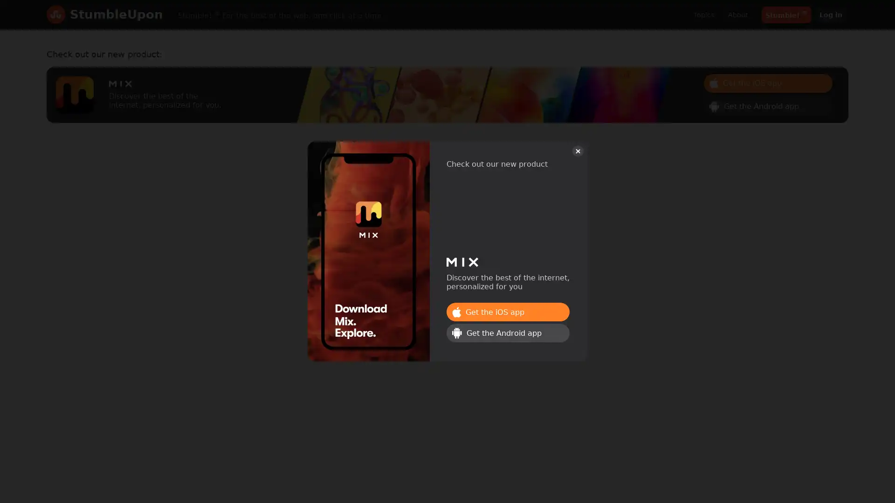 The image size is (895, 503). I want to click on Header Image 1 Get the Android app, so click(507, 332).